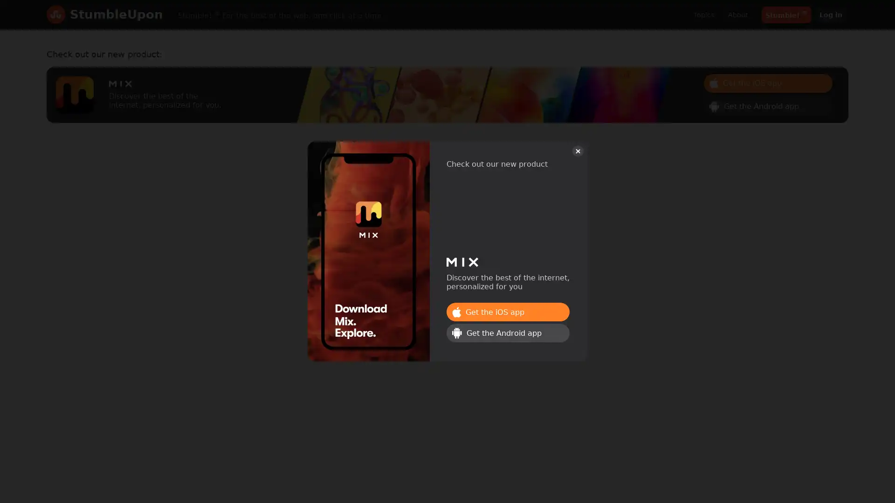 The image size is (895, 503). I want to click on Header Image 1 Get the Android app, so click(507, 332).